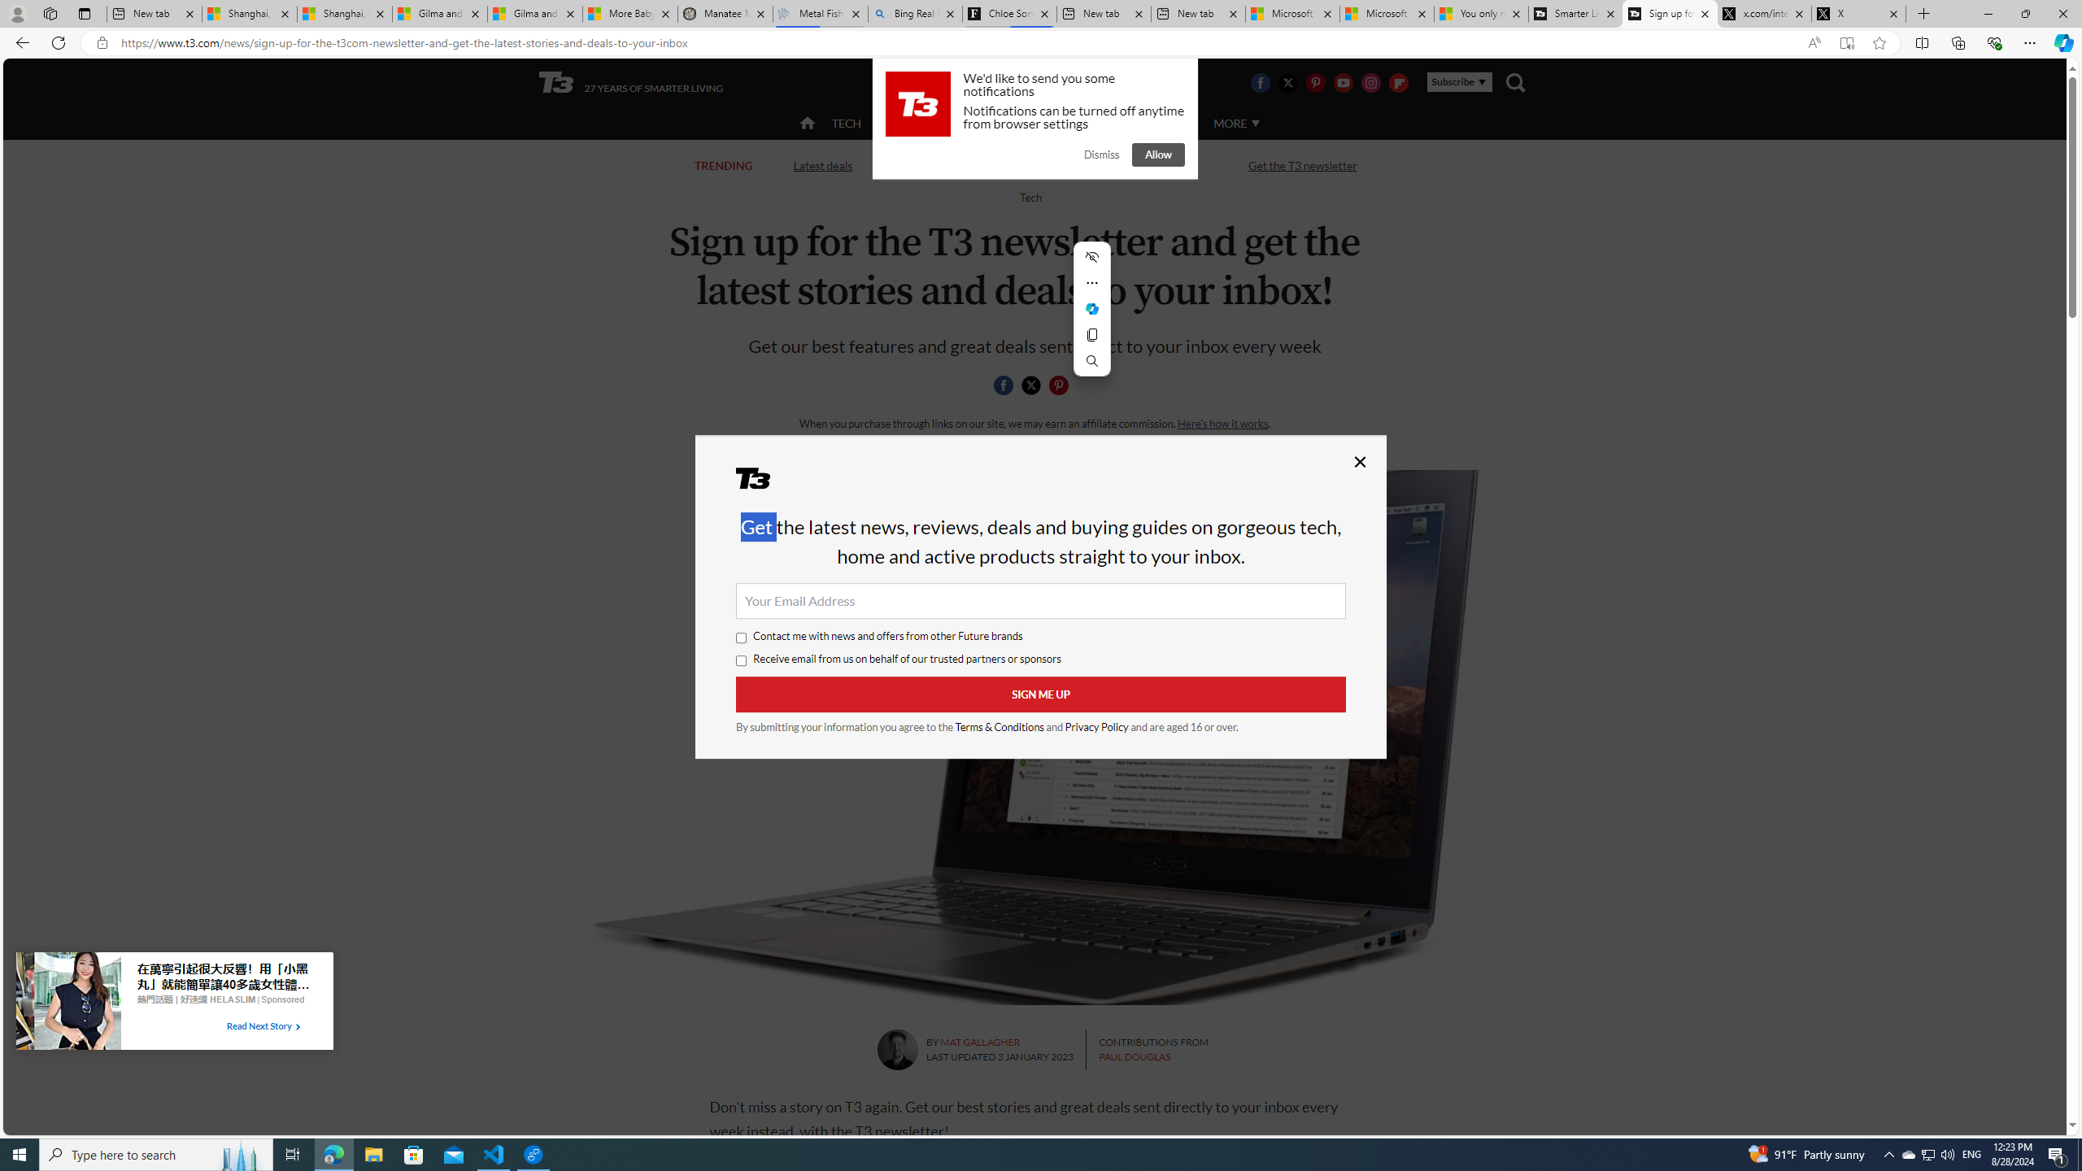  I want to click on 'Gilma and Hector both pose tropical trouble for Hawaii', so click(534, 13).